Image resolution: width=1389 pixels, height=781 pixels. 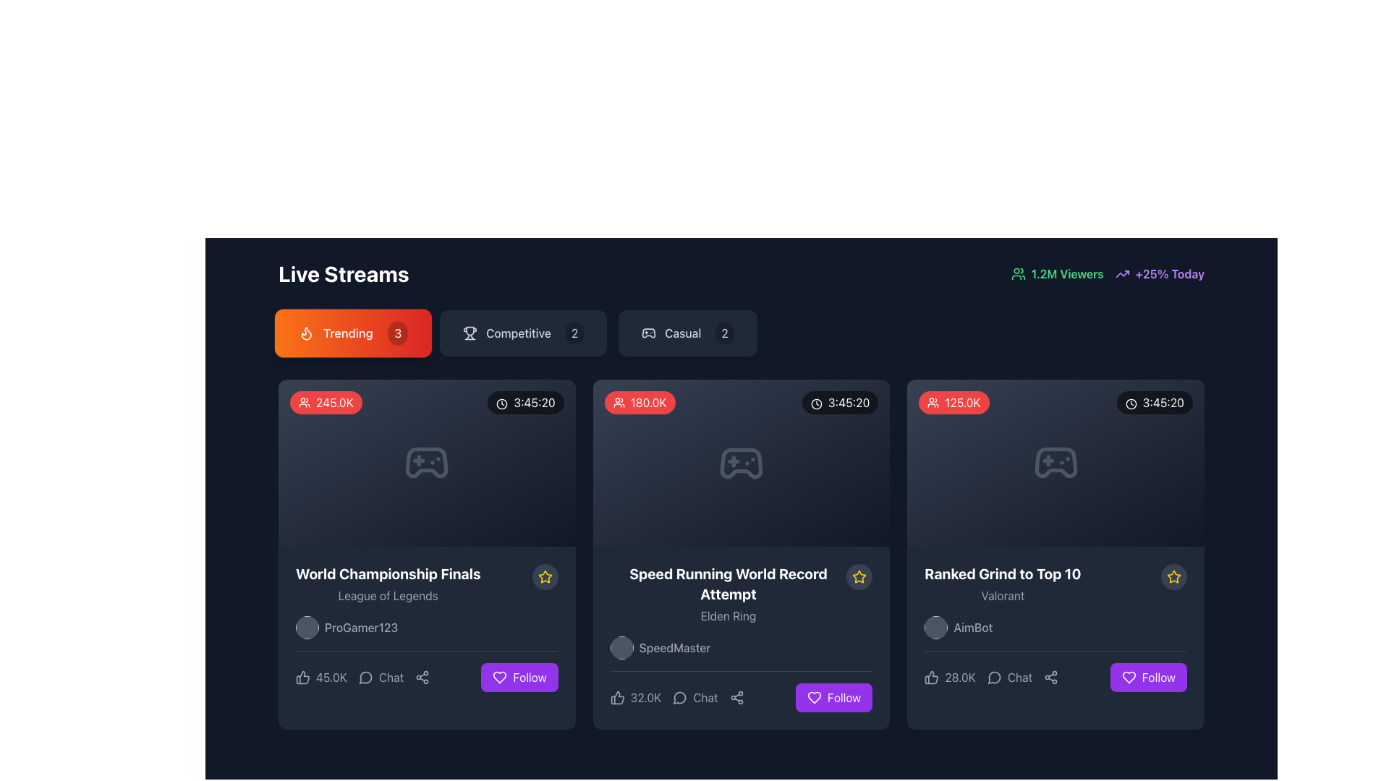 What do you see at coordinates (932, 678) in the screenshot?
I see `the like button located under the third card (Ranked Grind to Top 10)` at bounding box center [932, 678].